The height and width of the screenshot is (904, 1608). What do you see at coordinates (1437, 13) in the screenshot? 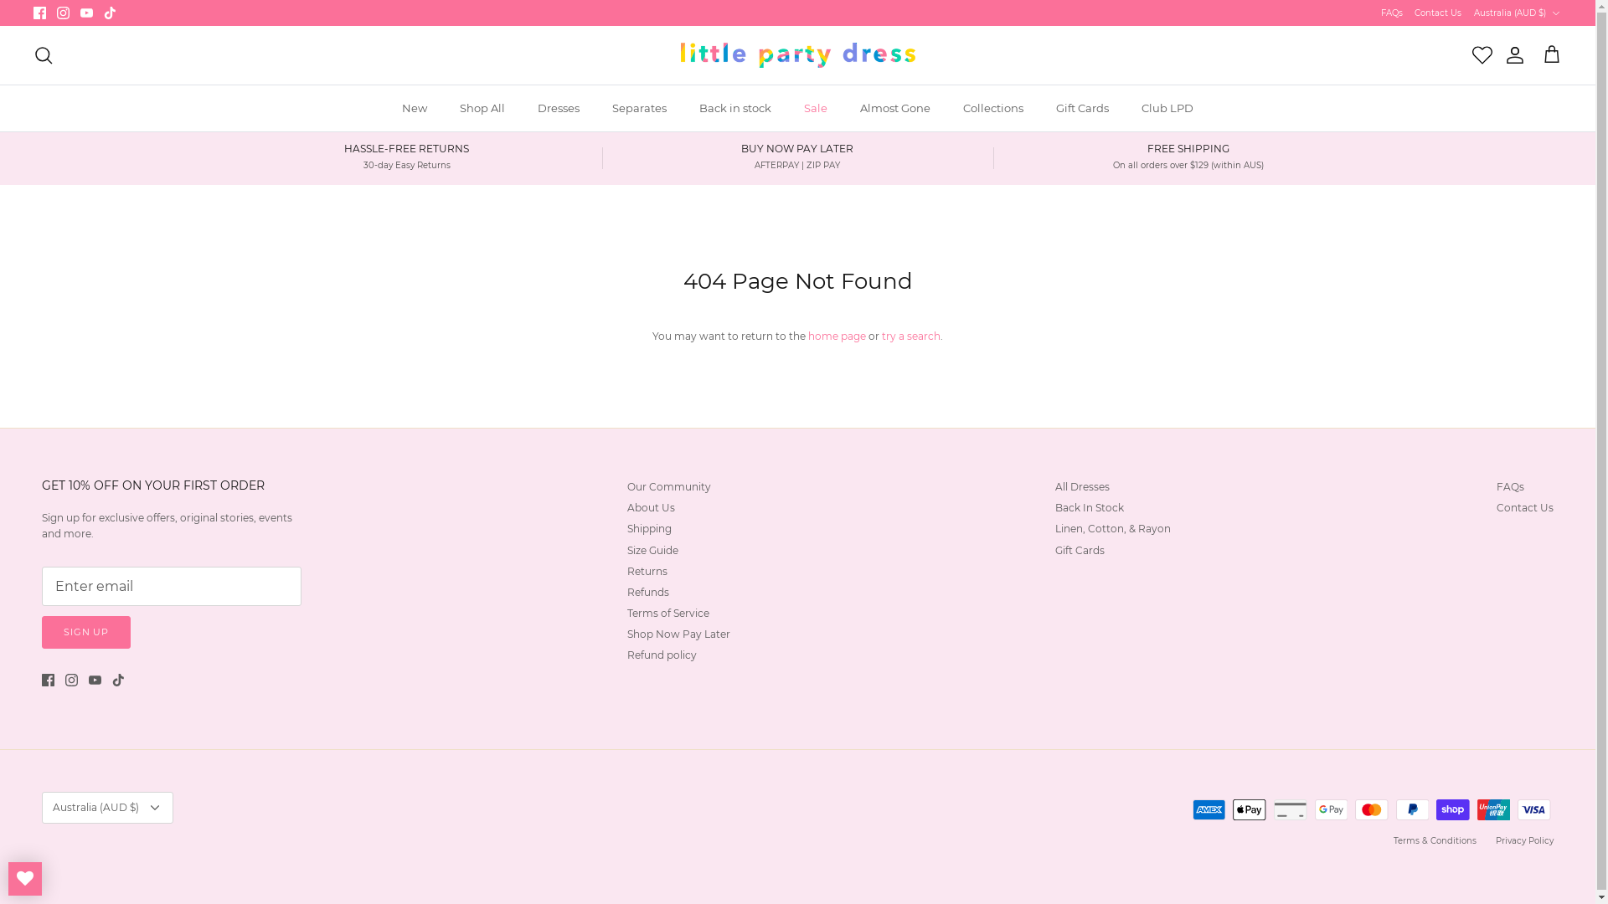
I see `'Contact Us'` at bounding box center [1437, 13].